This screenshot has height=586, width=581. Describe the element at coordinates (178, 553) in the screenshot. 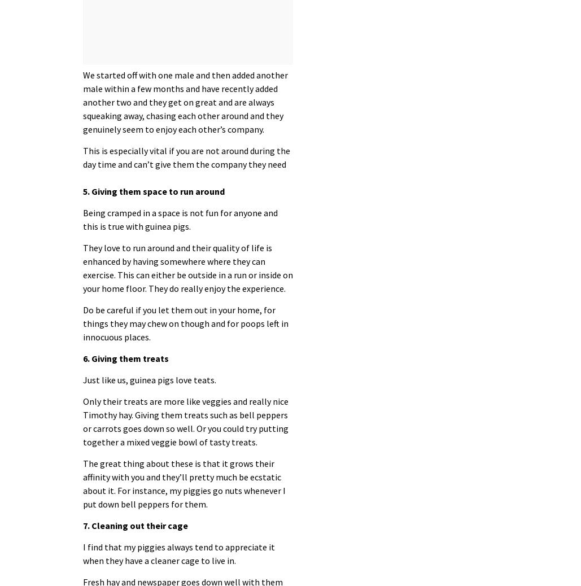

I see `'I find that my piggies always tend to appreciate it when they have a cleaner cage to live in.'` at that location.